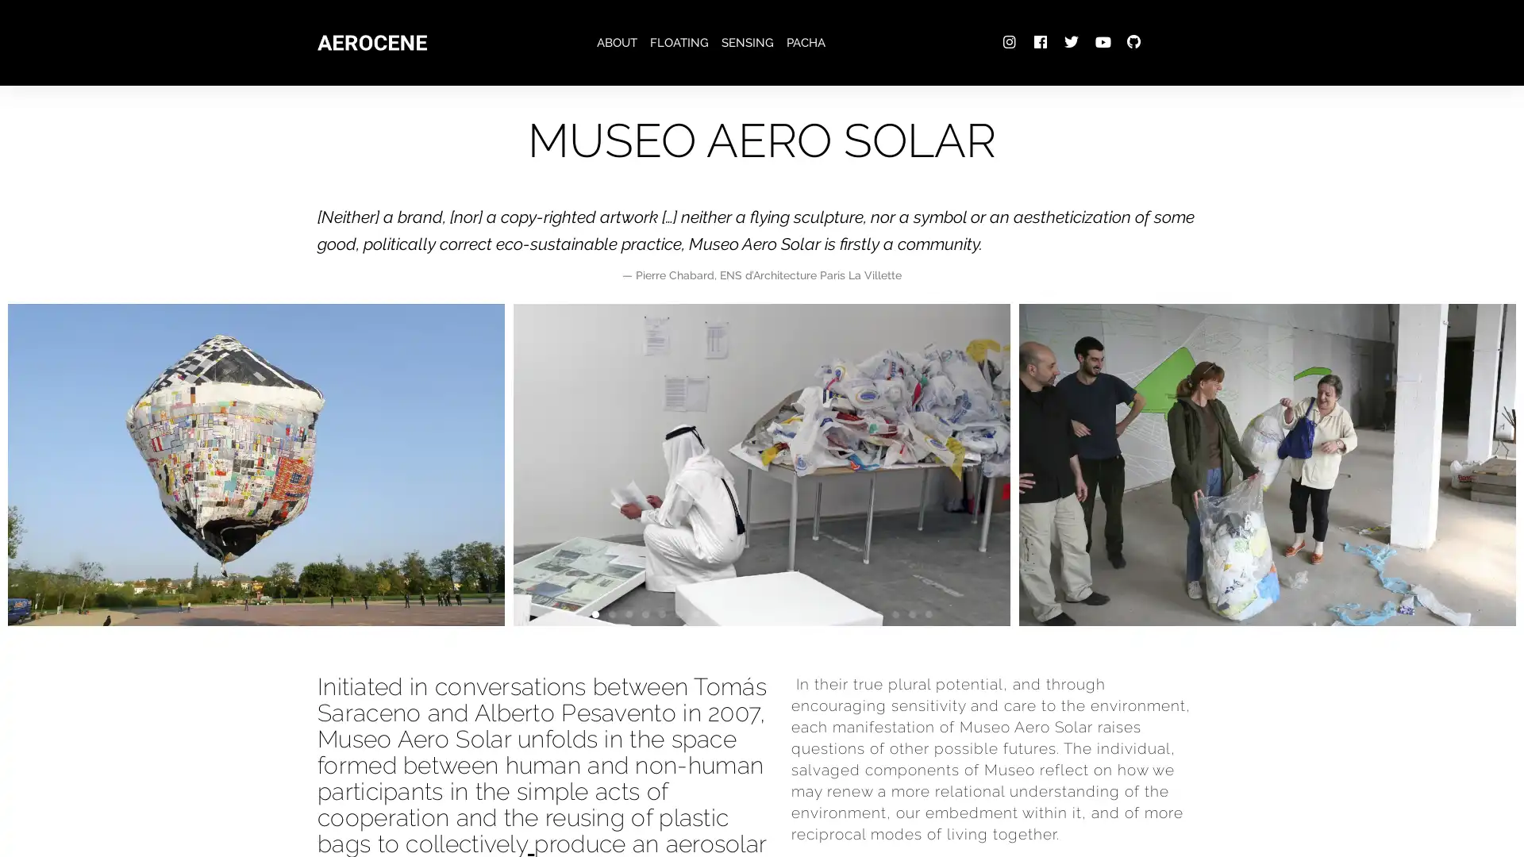 This screenshot has width=1524, height=857. Describe the element at coordinates (844, 613) in the screenshot. I see `Go to slide 16` at that location.